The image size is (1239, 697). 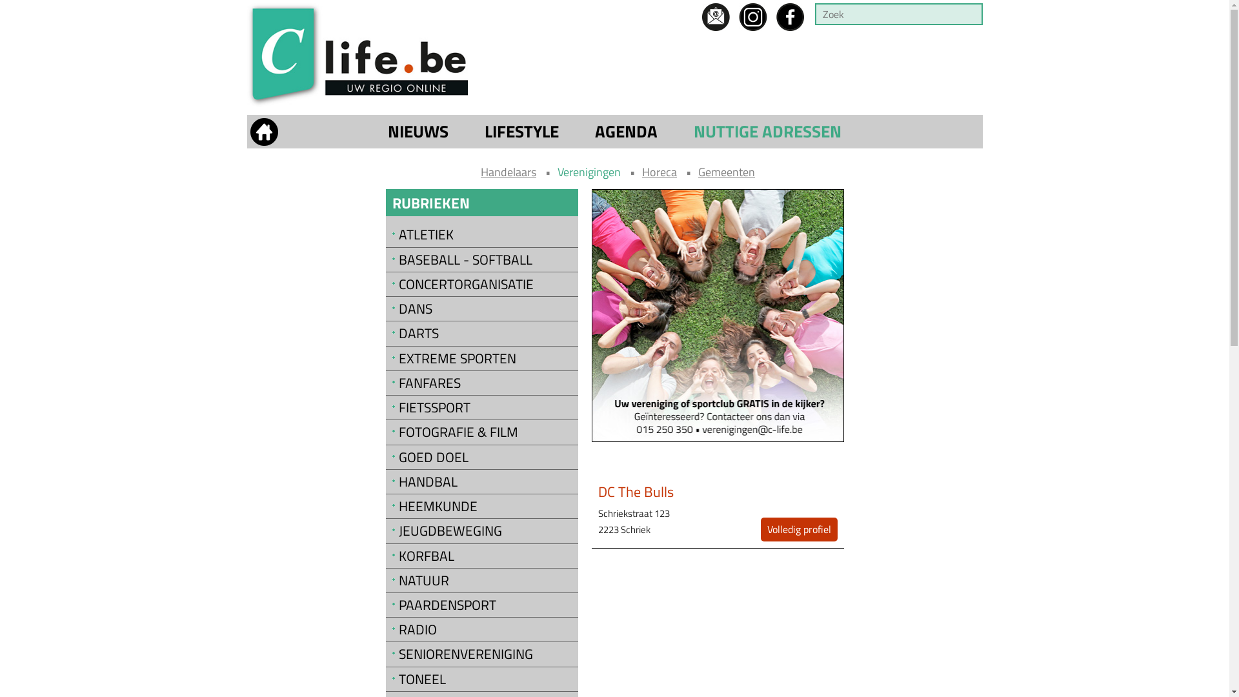 What do you see at coordinates (485, 678) in the screenshot?
I see `'TONEEL'` at bounding box center [485, 678].